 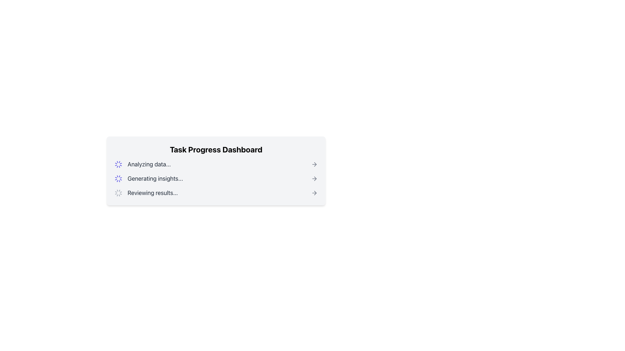 What do you see at coordinates (149, 164) in the screenshot?
I see `the text label displaying 'Analyzing data...' in the Task Progress Dashboard, which indicates the current task being processed` at bounding box center [149, 164].